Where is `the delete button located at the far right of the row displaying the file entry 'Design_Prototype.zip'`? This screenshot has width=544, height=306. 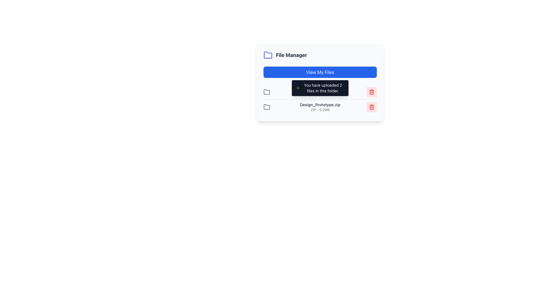 the delete button located at the far right of the row displaying the file entry 'Design_Prototype.zip' is located at coordinates (371, 107).